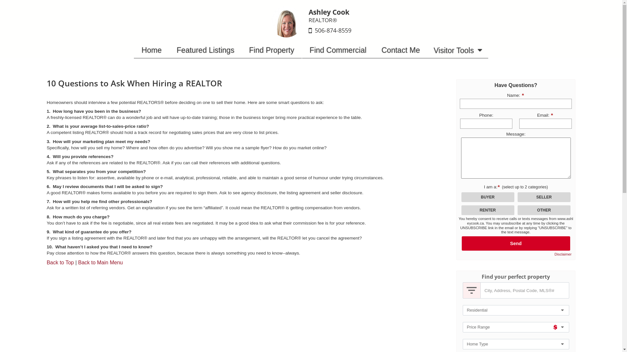 The image size is (627, 352). Describe the element at coordinates (515, 344) in the screenshot. I see `'Home Type'` at that location.